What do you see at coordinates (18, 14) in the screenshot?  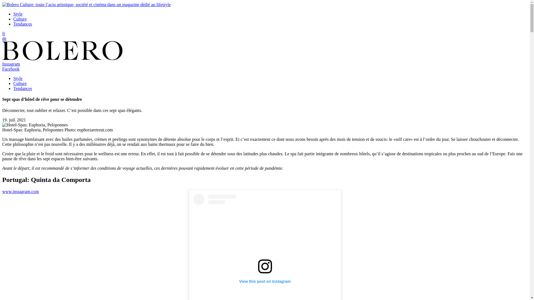 I see `'Style'` at bounding box center [18, 14].